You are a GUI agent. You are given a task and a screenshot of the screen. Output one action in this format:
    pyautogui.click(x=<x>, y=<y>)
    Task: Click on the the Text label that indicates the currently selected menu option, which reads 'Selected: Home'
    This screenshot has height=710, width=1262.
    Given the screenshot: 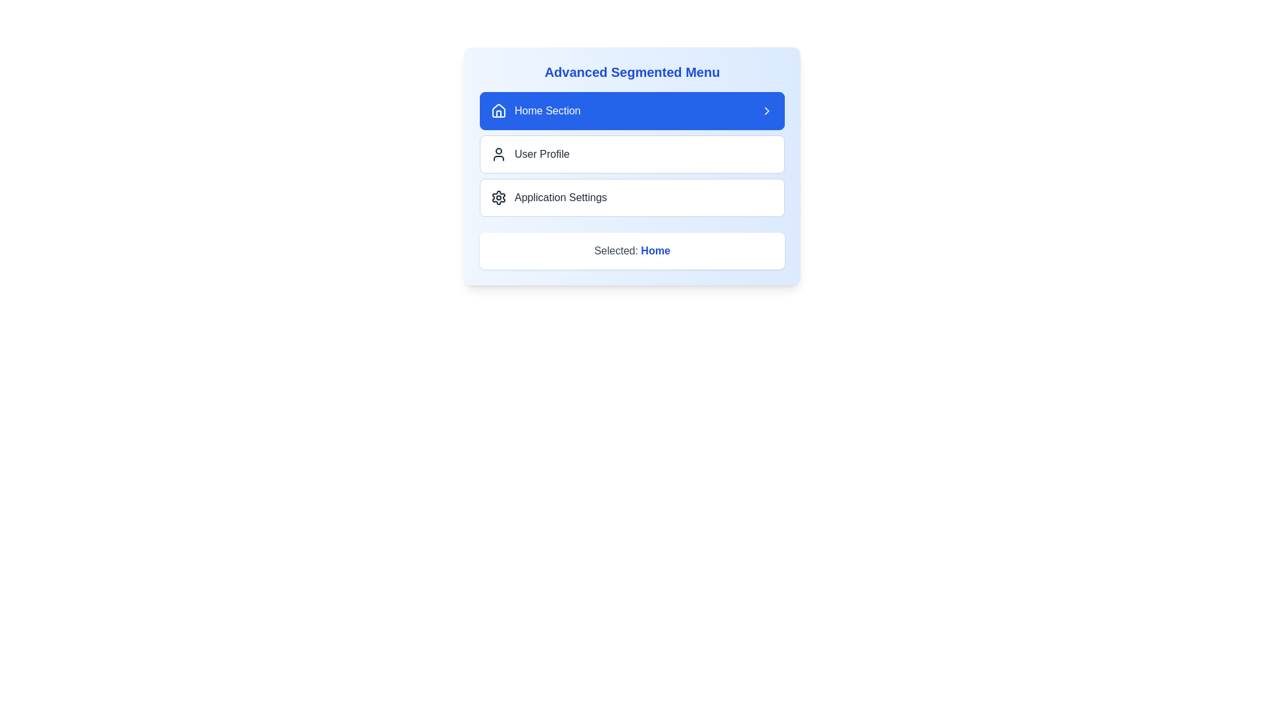 What is the action you would take?
    pyautogui.click(x=655, y=250)
    